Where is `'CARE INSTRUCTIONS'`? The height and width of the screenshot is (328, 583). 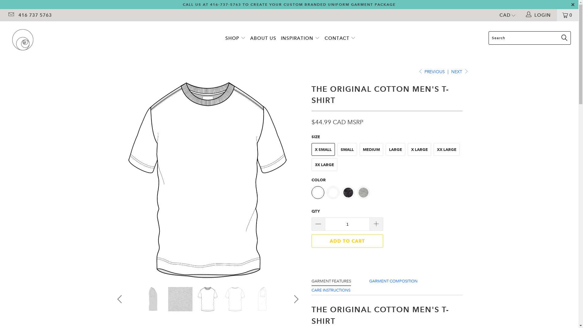
'CARE INSTRUCTIONS' is located at coordinates (330, 290).